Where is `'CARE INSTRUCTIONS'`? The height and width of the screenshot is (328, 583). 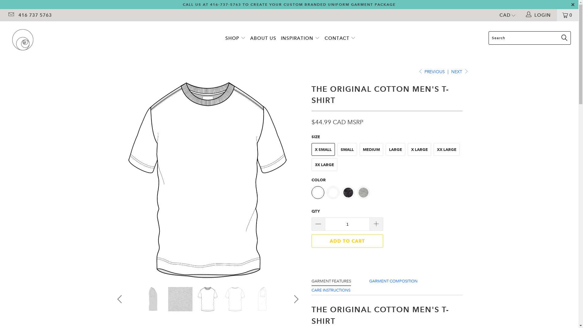
'CARE INSTRUCTIONS' is located at coordinates (330, 290).